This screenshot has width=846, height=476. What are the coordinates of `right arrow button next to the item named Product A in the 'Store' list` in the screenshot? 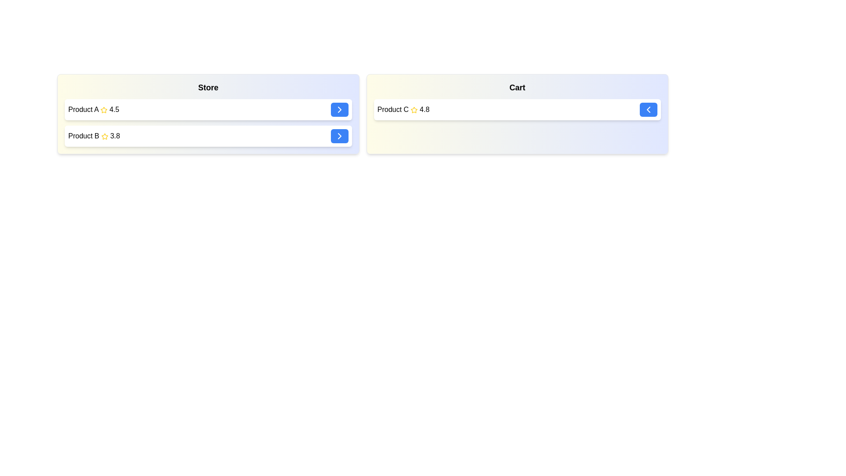 It's located at (339, 109).